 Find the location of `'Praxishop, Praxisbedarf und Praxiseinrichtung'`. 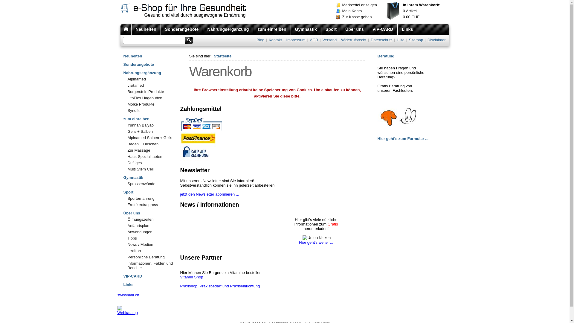

'Praxishop, Praxisbedarf und Praxiseinrichtung' is located at coordinates (219, 286).